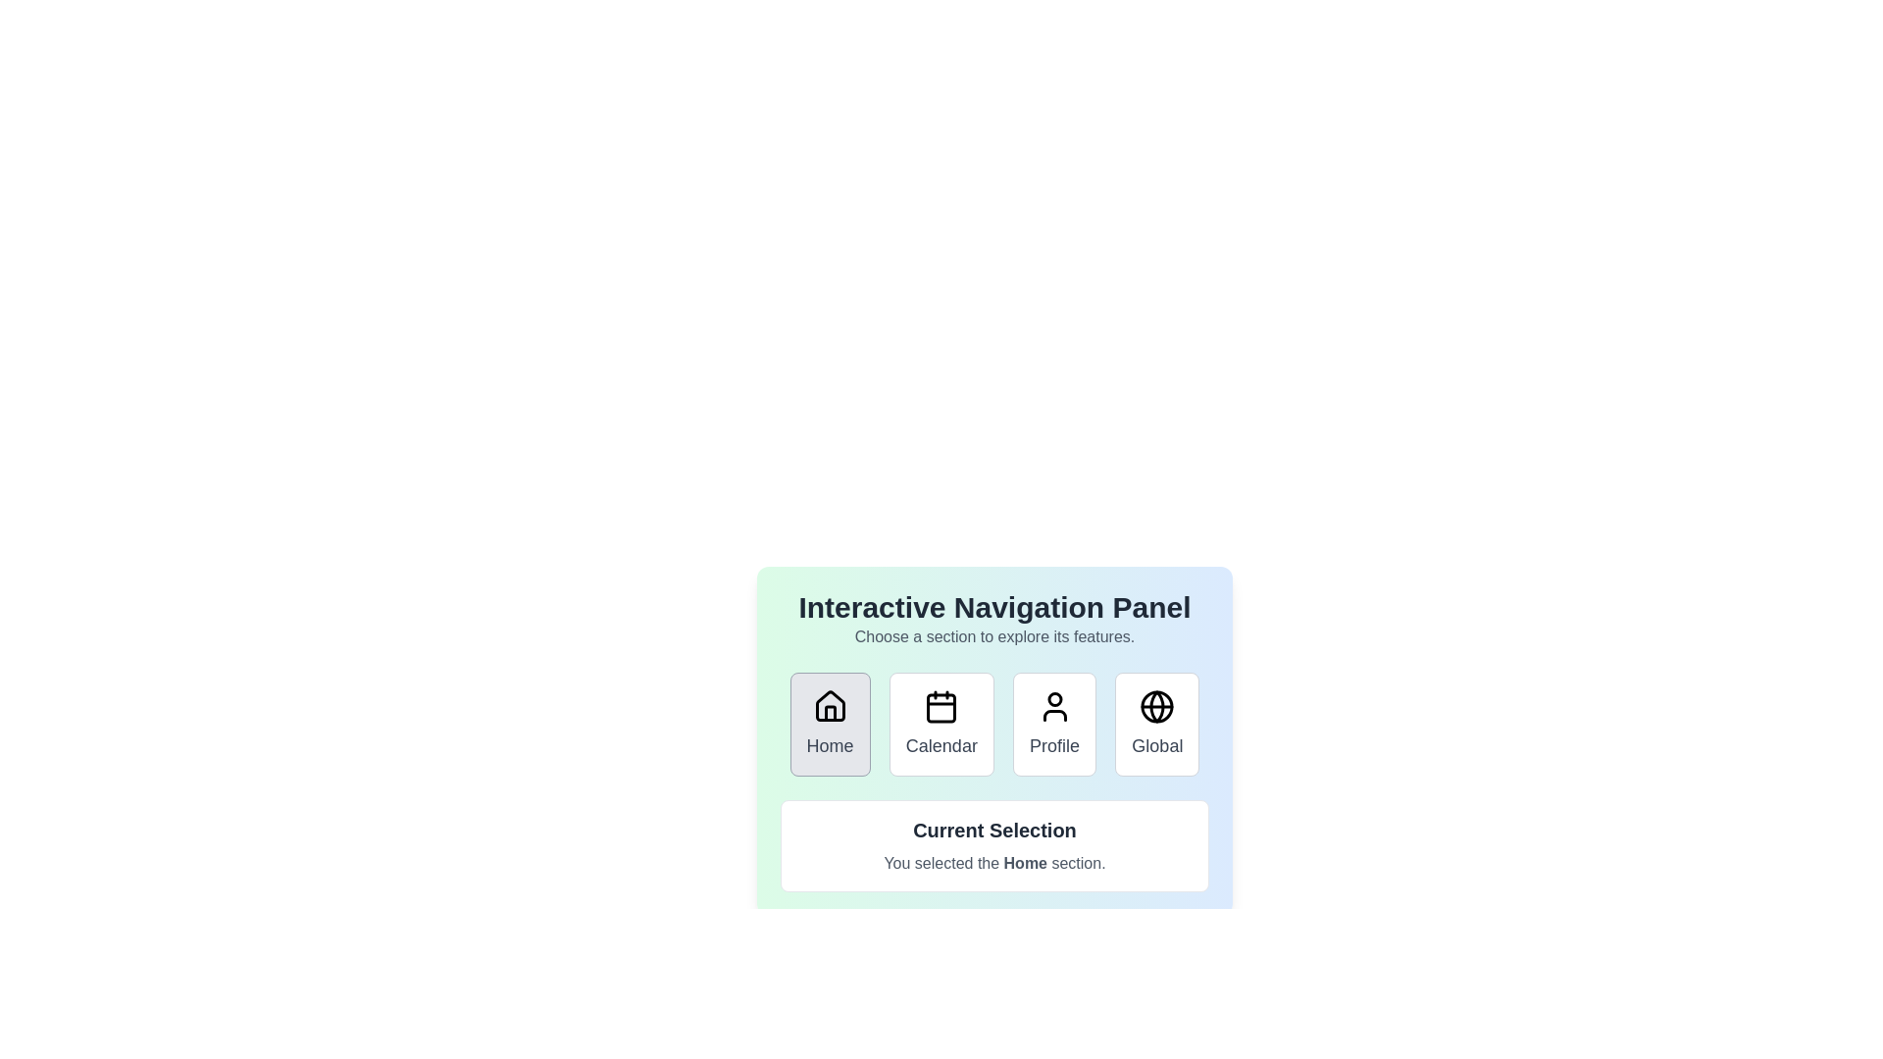 Image resolution: width=1883 pixels, height=1059 pixels. I want to click on the Informational panel titled 'Current Selection' which displays the message 'You selected the Home section.', so click(994, 845).